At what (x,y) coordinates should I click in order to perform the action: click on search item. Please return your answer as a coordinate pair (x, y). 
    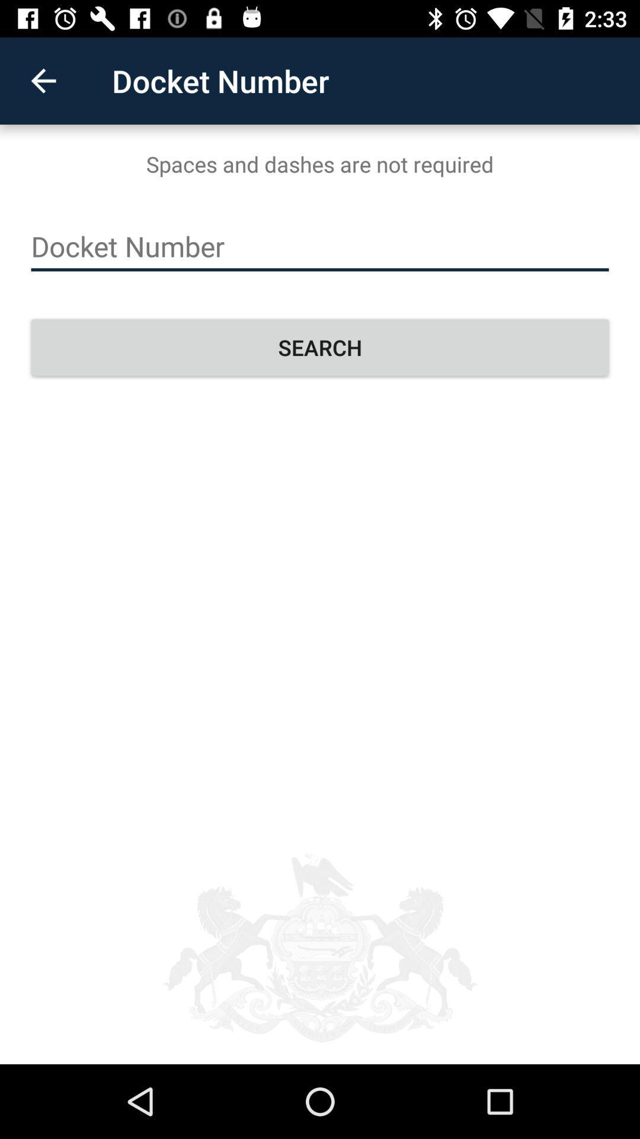
    Looking at the image, I should click on (320, 346).